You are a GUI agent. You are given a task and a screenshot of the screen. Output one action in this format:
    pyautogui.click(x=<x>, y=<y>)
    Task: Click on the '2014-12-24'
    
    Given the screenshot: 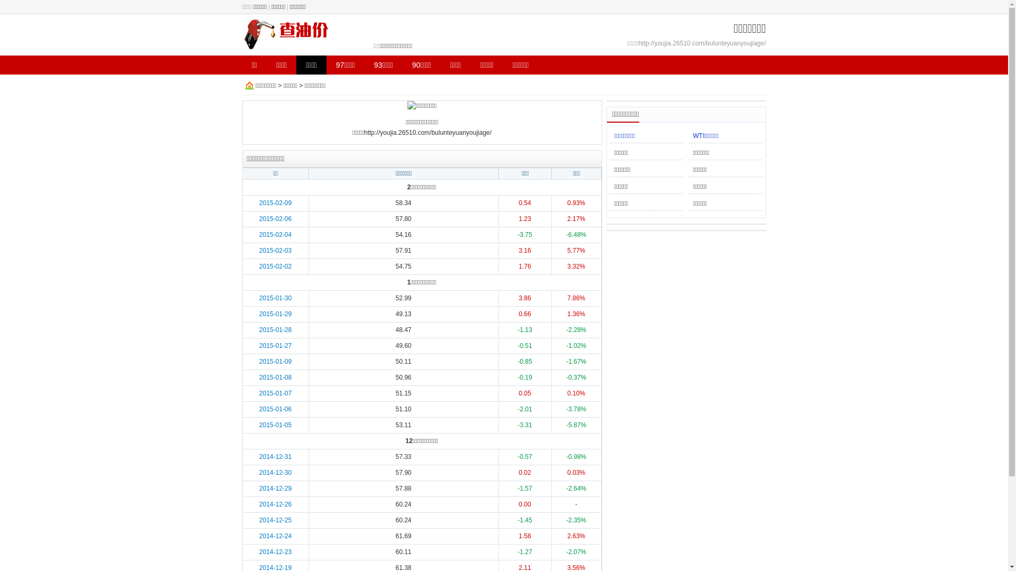 What is the action you would take?
    pyautogui.click(x=275, y=536)
    